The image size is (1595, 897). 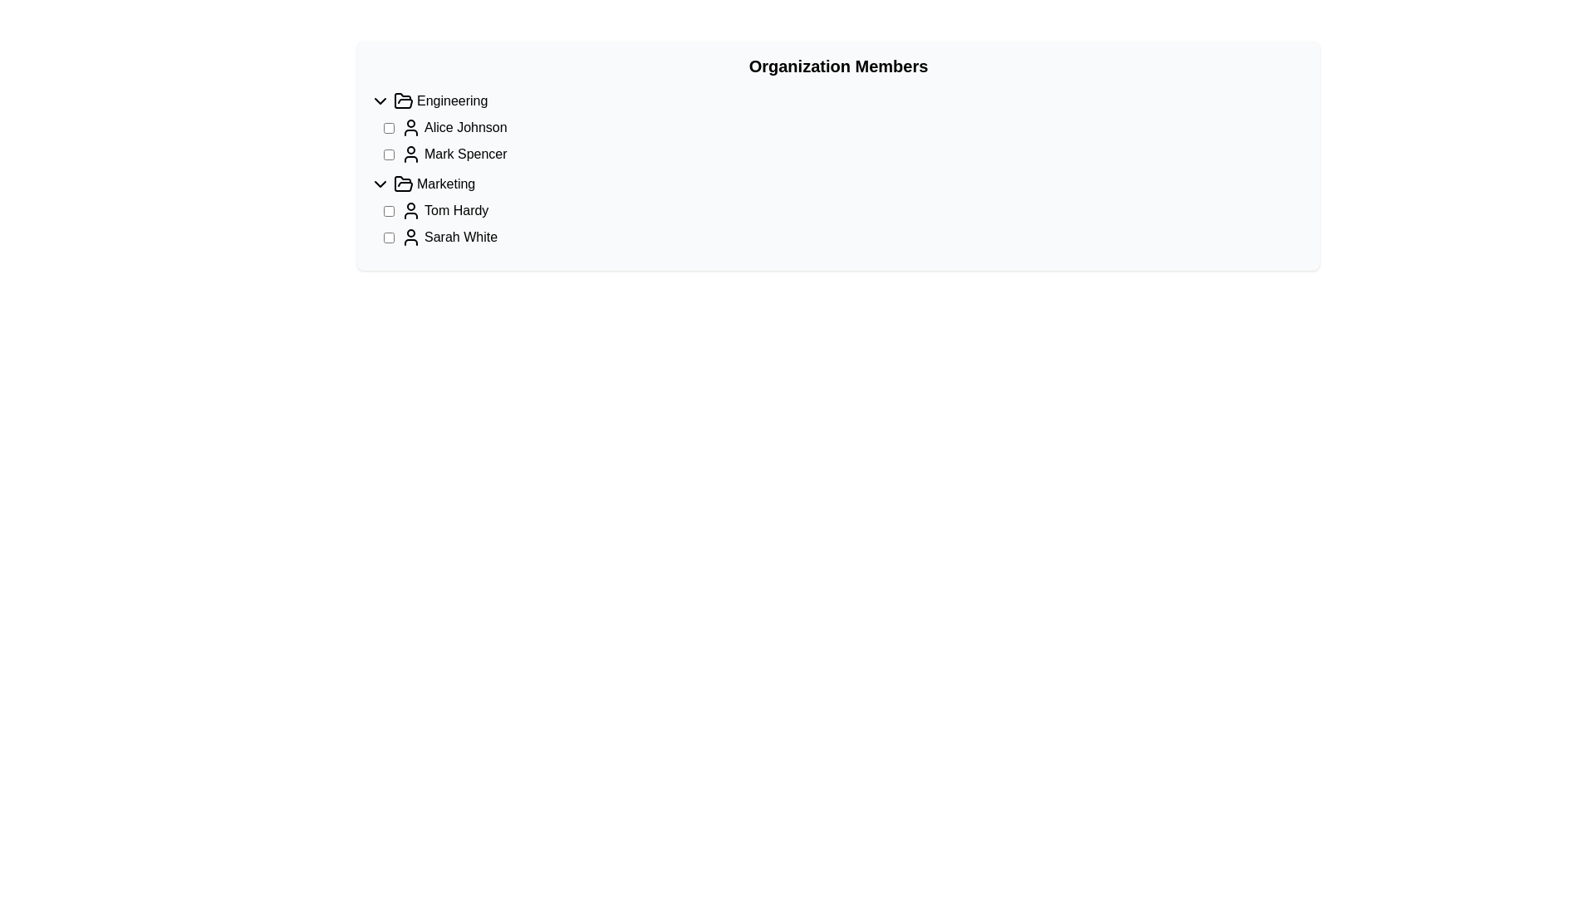 What do you see at coordinates (403, 101) in the screenshot?
I see `the open folder icon representing the 'Engineering' category, located to the left of the text 'Engineering' in the list of organization members` at bounding box center [403, 101].